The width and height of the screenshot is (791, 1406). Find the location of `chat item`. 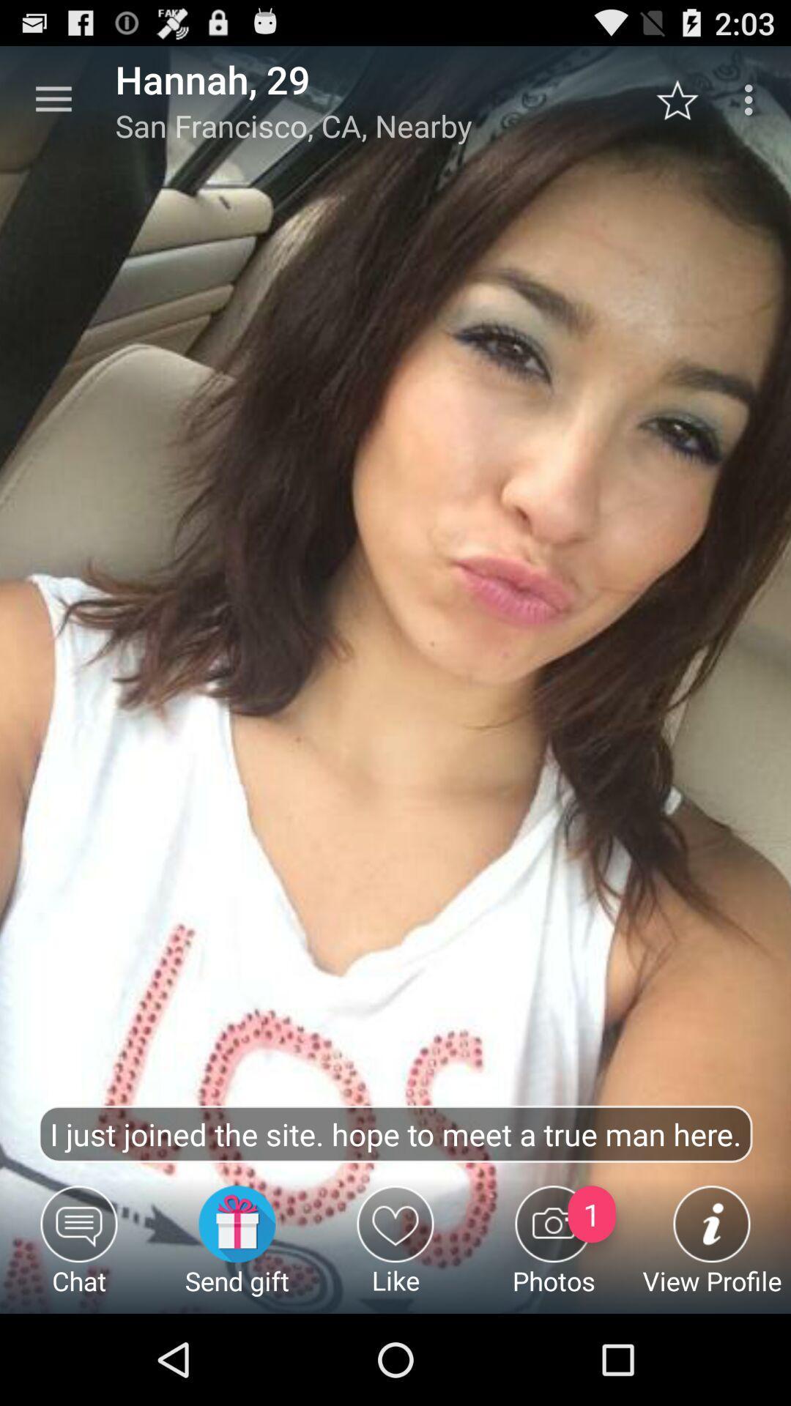

chat item is located at coordinates (79, 1249).